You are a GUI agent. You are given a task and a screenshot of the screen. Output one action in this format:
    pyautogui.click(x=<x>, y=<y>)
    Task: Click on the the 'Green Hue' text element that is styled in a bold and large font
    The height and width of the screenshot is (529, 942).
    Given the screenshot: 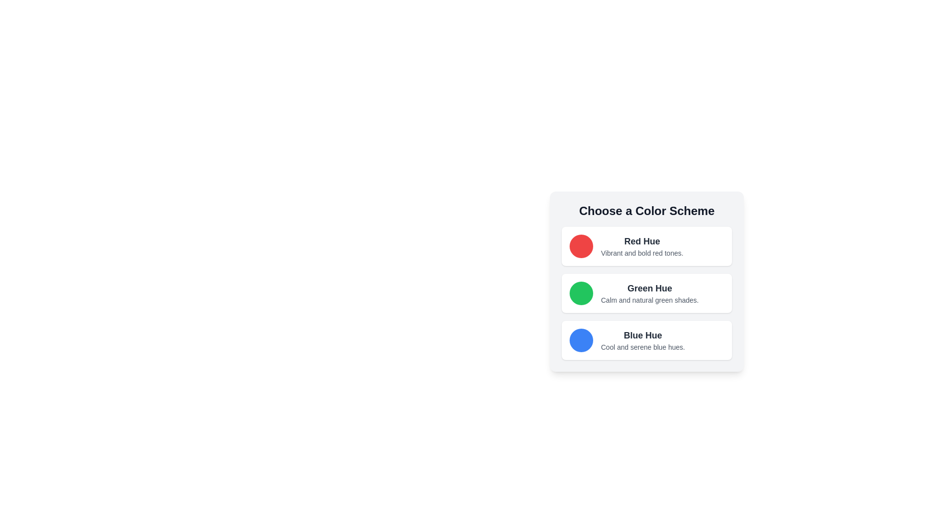 What is the action you would take?
    pyautogui.click(x=650, y=288)
    